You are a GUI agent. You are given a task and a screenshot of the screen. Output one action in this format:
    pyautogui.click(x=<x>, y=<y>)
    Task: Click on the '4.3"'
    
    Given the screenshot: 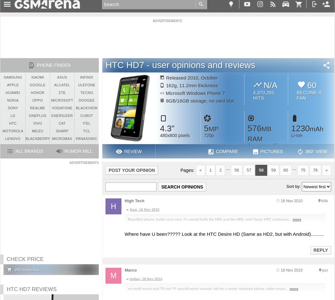 What is the action you would take?
    pyautogui.click(x=167, y=128)
    